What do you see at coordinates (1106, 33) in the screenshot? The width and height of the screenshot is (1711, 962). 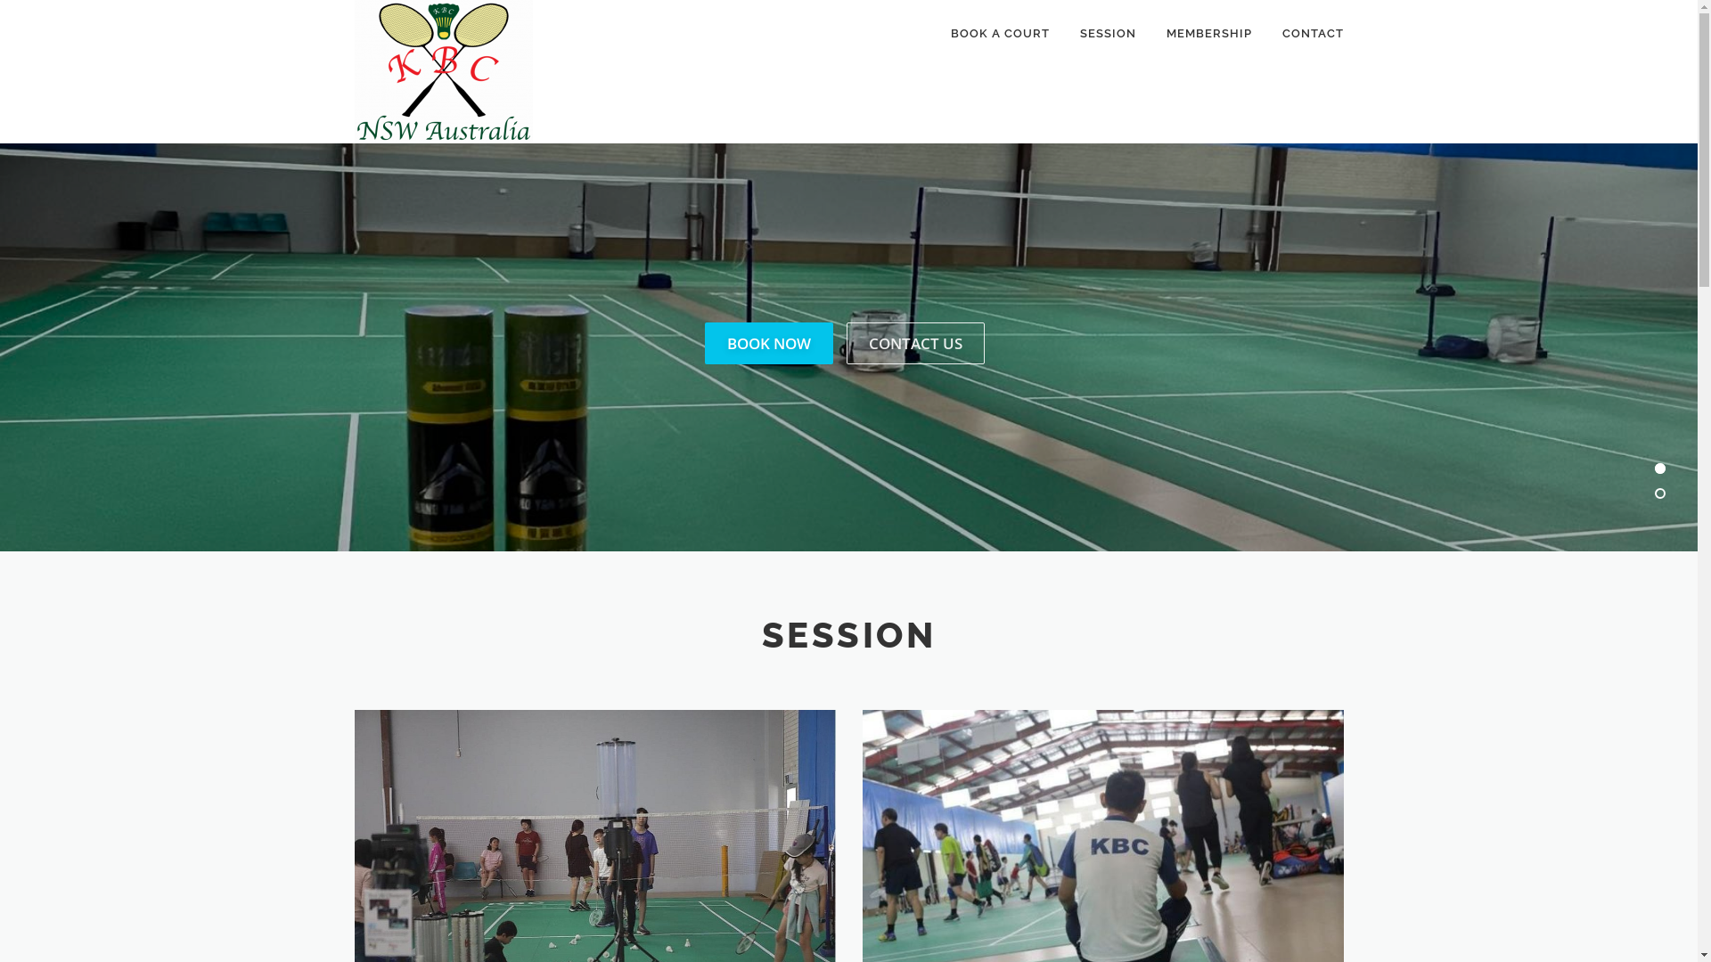 I see `'SESSION'` at bounding box center [1106, 33].